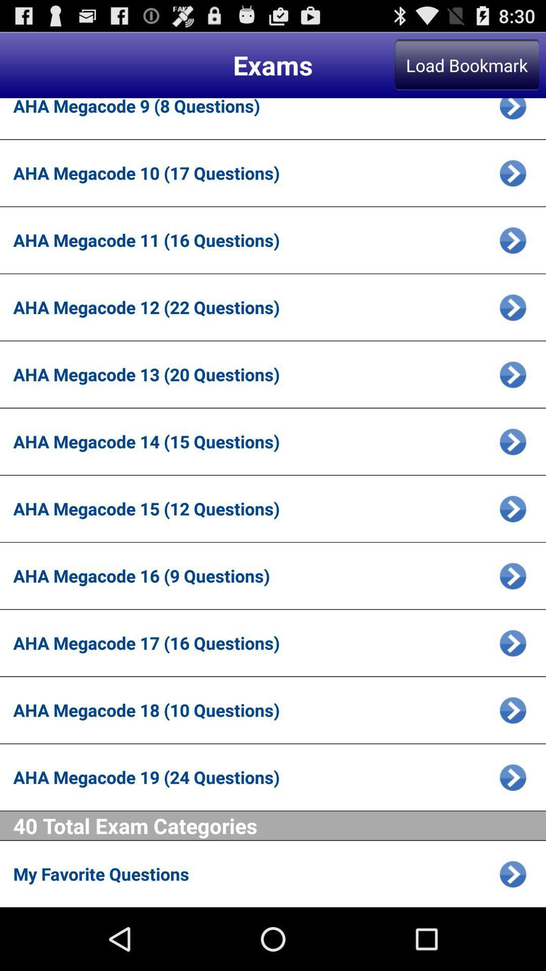 The width and height of the screenshot is (546, 971). What do you see at coordinates (467, 64) in the screenshot?
I see `text next to exams` at bounding box center [467, 64].